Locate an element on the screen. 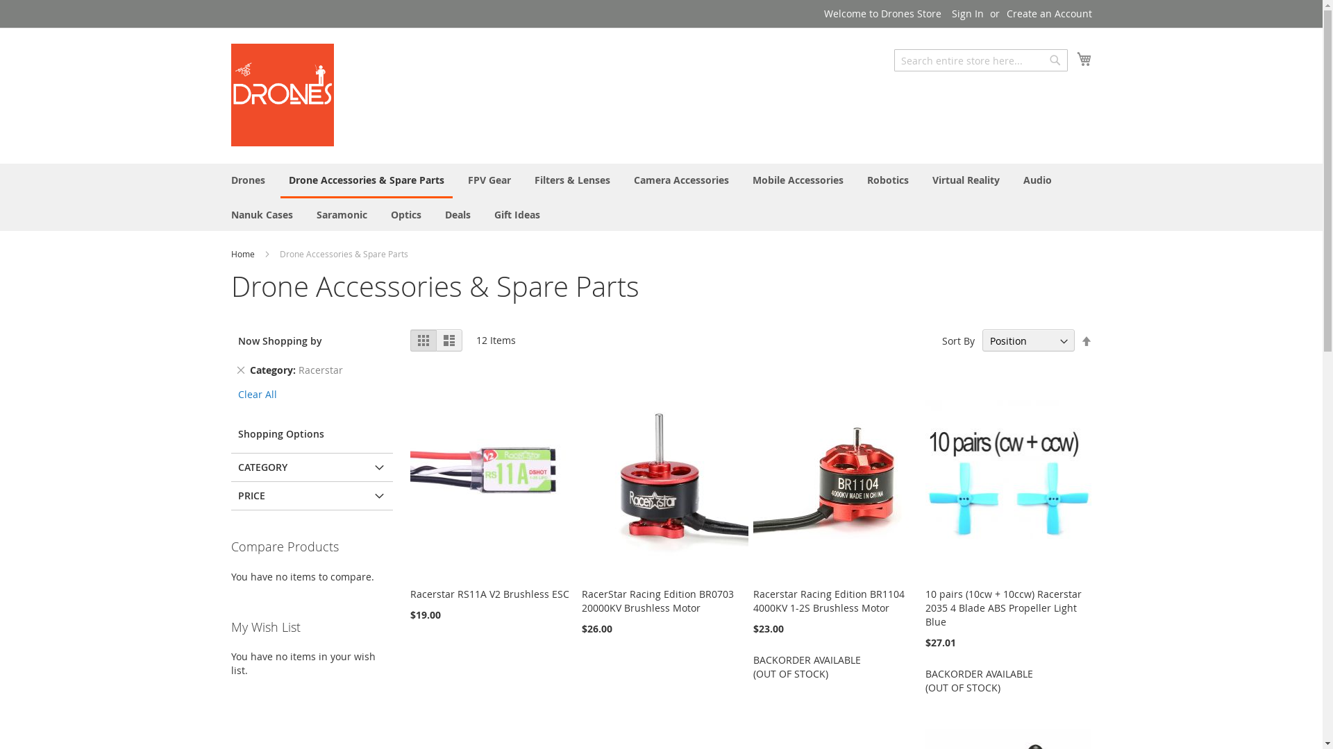 The image size is (1333, 749). 'Create an Account' is located at coordinates (1006, 13).